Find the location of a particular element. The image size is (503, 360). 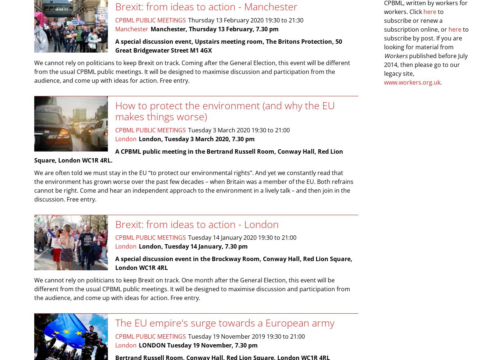

'A special discussion event in the Brockway Room, Conway Hall, Red Lion Square, London WC1R 4RL' is located at coordinates (233, 263).